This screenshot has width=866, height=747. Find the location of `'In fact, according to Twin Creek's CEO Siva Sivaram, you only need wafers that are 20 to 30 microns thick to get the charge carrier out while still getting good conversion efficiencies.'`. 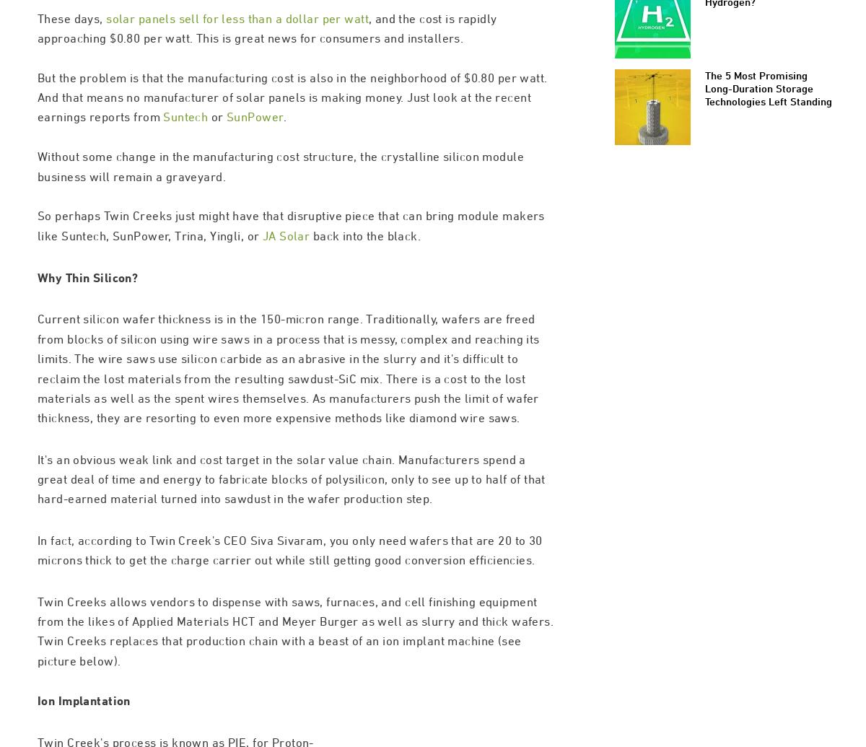

'In fact, according to Twin Creek's CEO Siva Sivaram, you only need wafers that are 20 to 30 microns thick to get the charge carrier out while still getting good conversion efficiencies.' is located at coordinates (289, 611).